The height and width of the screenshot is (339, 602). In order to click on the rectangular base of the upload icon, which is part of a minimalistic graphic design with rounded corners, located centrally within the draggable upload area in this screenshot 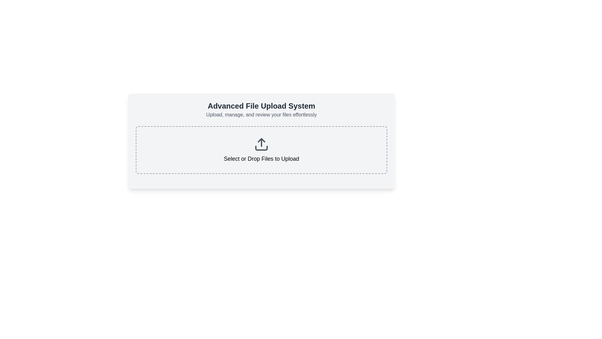, I will do `click(261, 148)`.